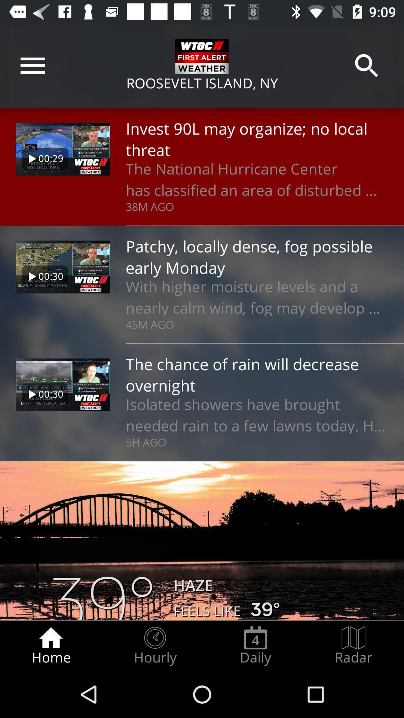 Image resolution: width=404 pixels, height=718 pixels. What do you see at coordinates (353, 645) in the screenshot?
I see `radar` at bounding box center [353, 645].